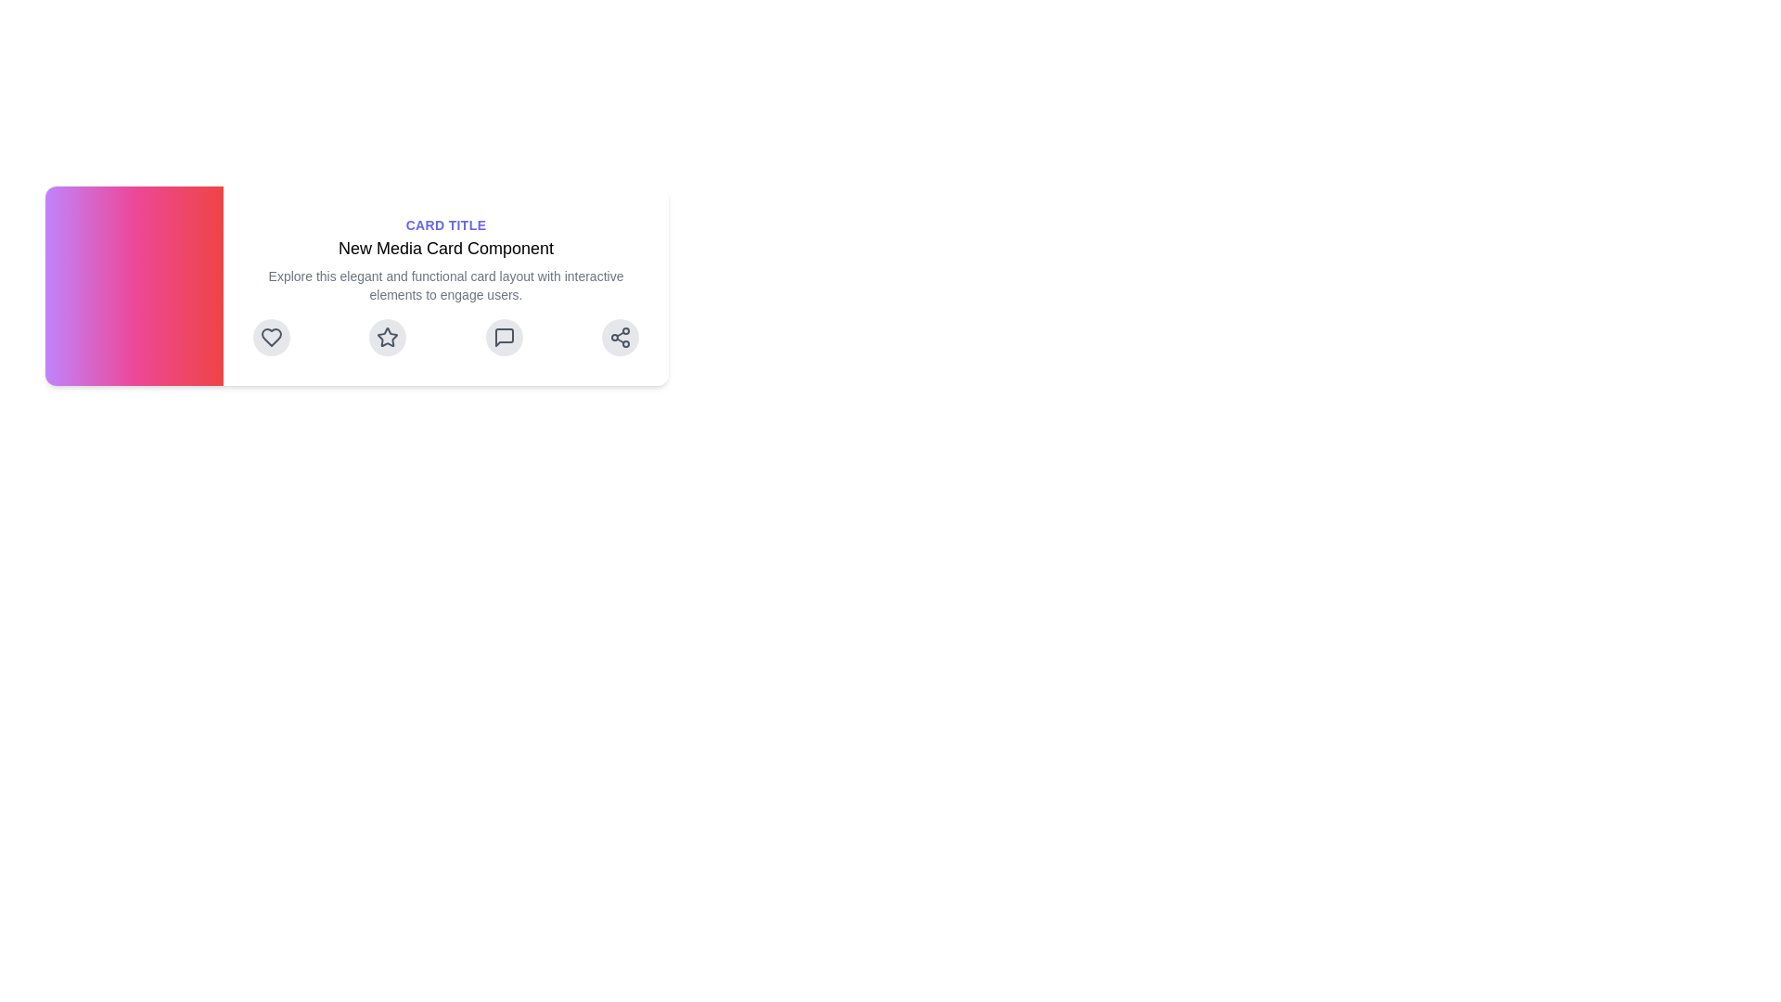 The width and height of the screenshot is (1781, 1002). I want to click on the heart-shaped icon located on the far left of the icon group, so click(270, 337).